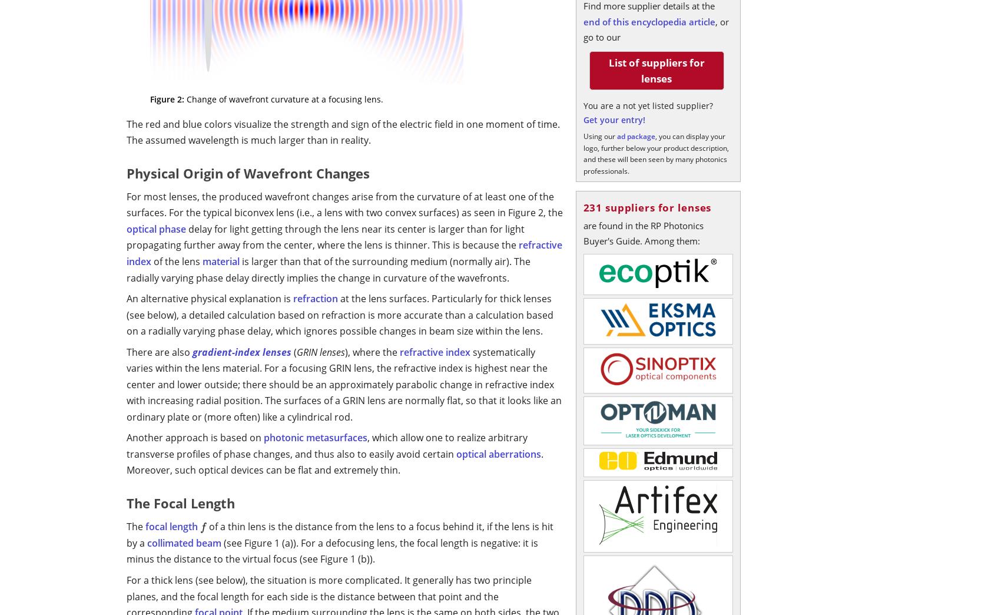  What do you see at coordinates (156, 228) in the screenshot?
I see `'optical phase'` at bounding box center [156, 228].